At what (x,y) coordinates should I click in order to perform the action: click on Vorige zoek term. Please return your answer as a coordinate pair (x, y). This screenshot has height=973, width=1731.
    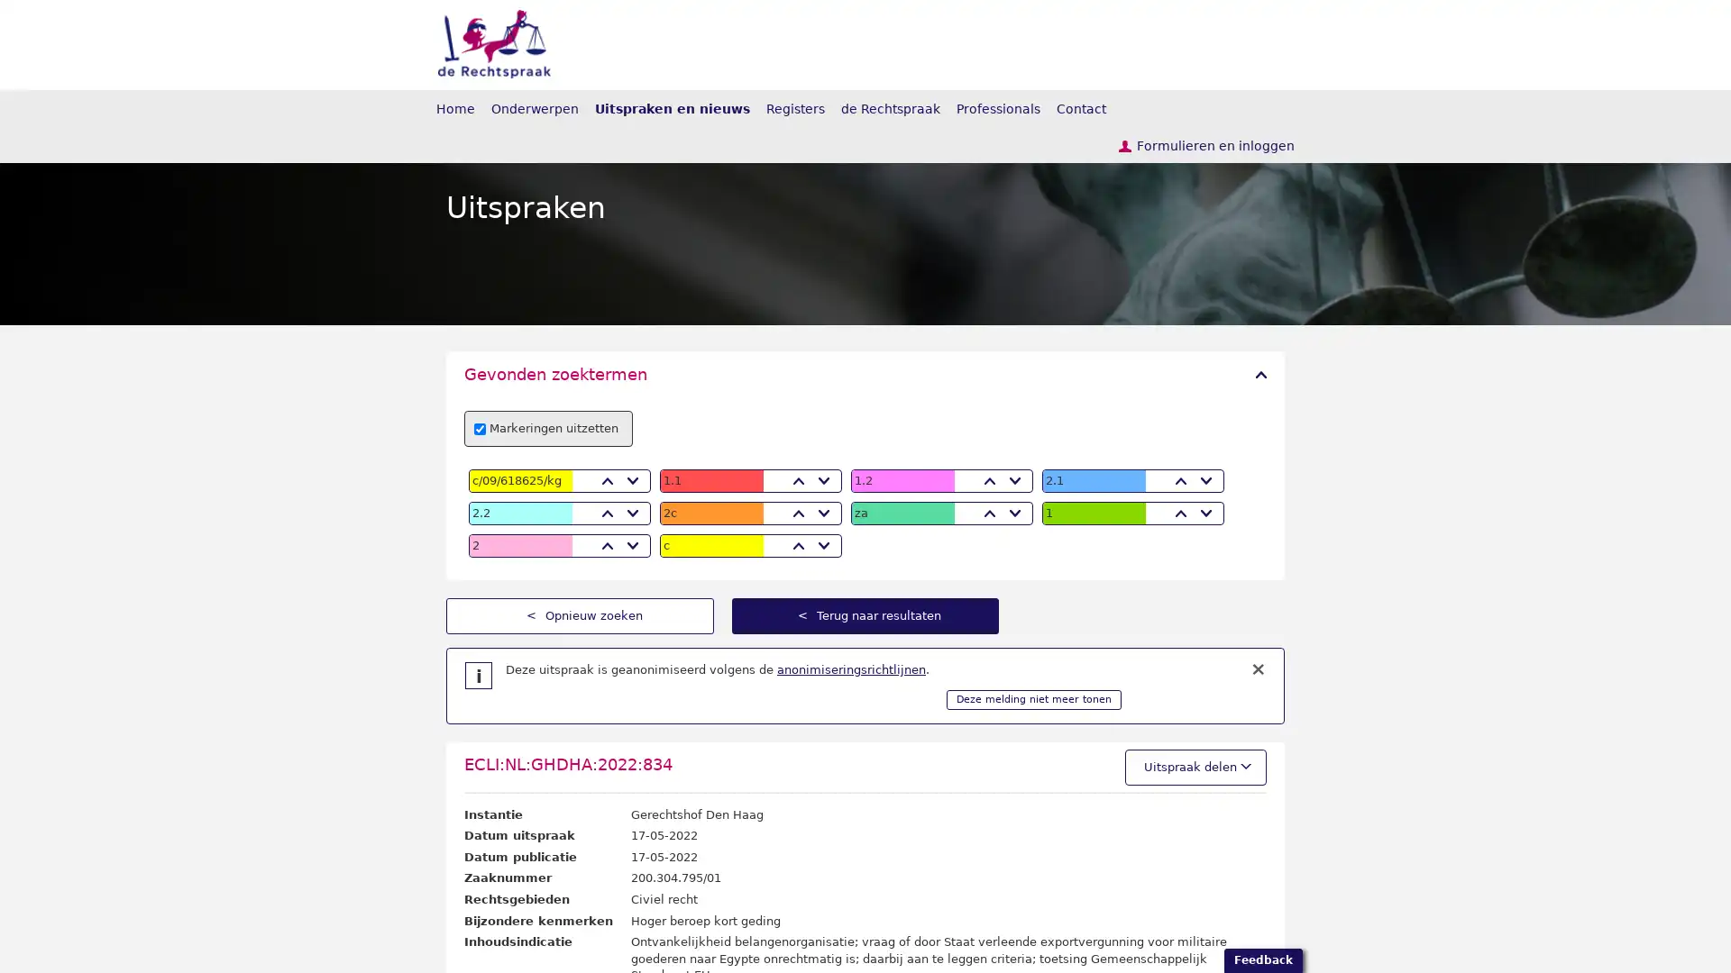
    Looking at the image, I should click on (989, 513).